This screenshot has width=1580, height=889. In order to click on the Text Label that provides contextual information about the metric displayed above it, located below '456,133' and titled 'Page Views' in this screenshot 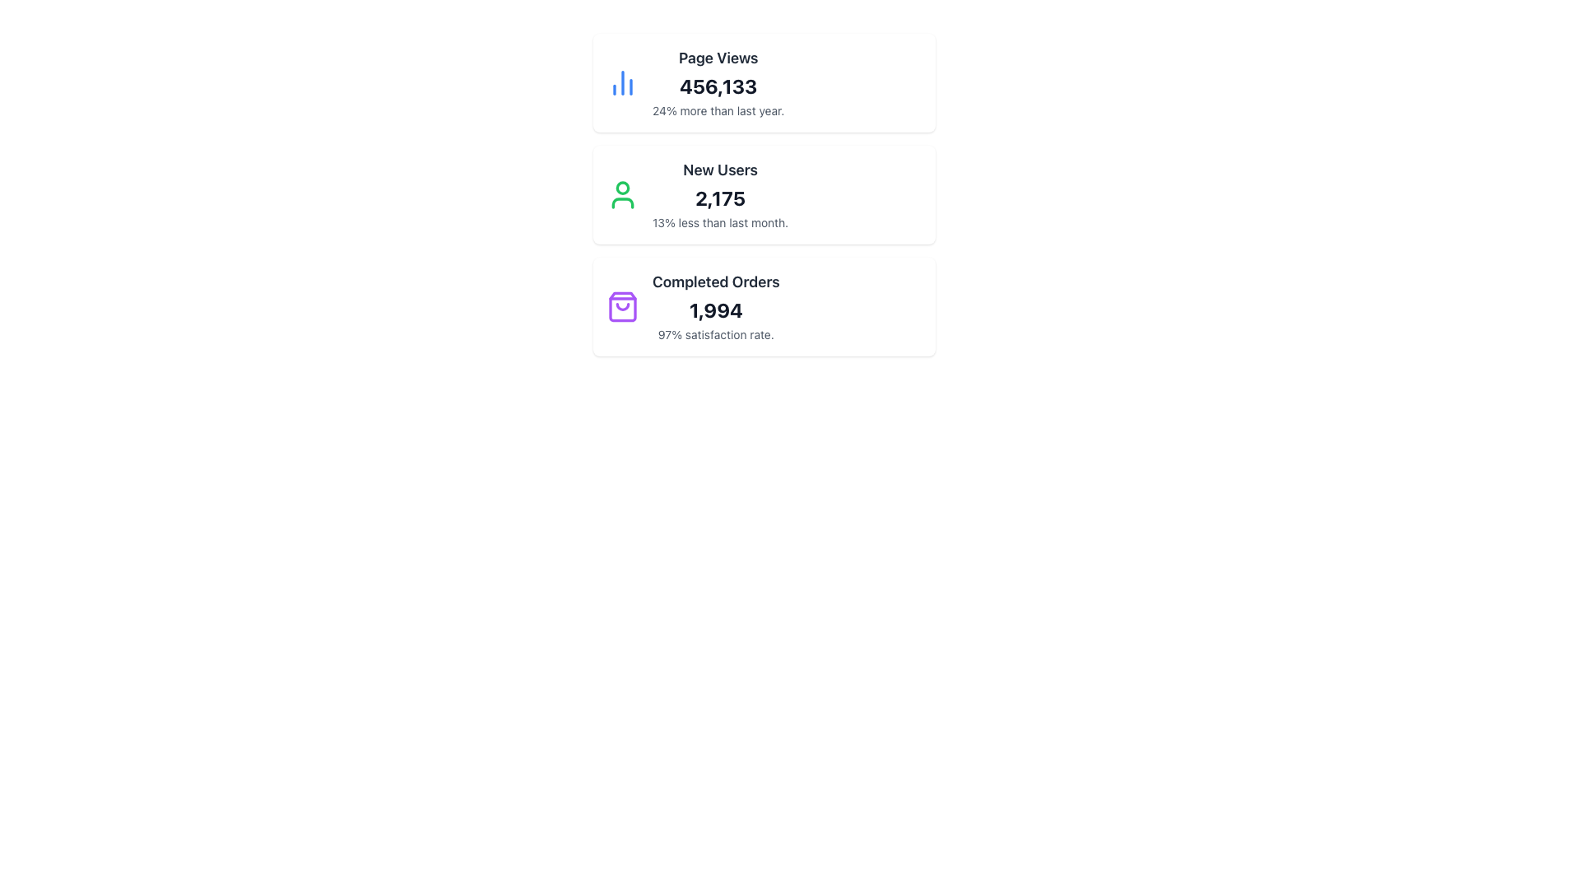, I will do `click(718, 111)`.